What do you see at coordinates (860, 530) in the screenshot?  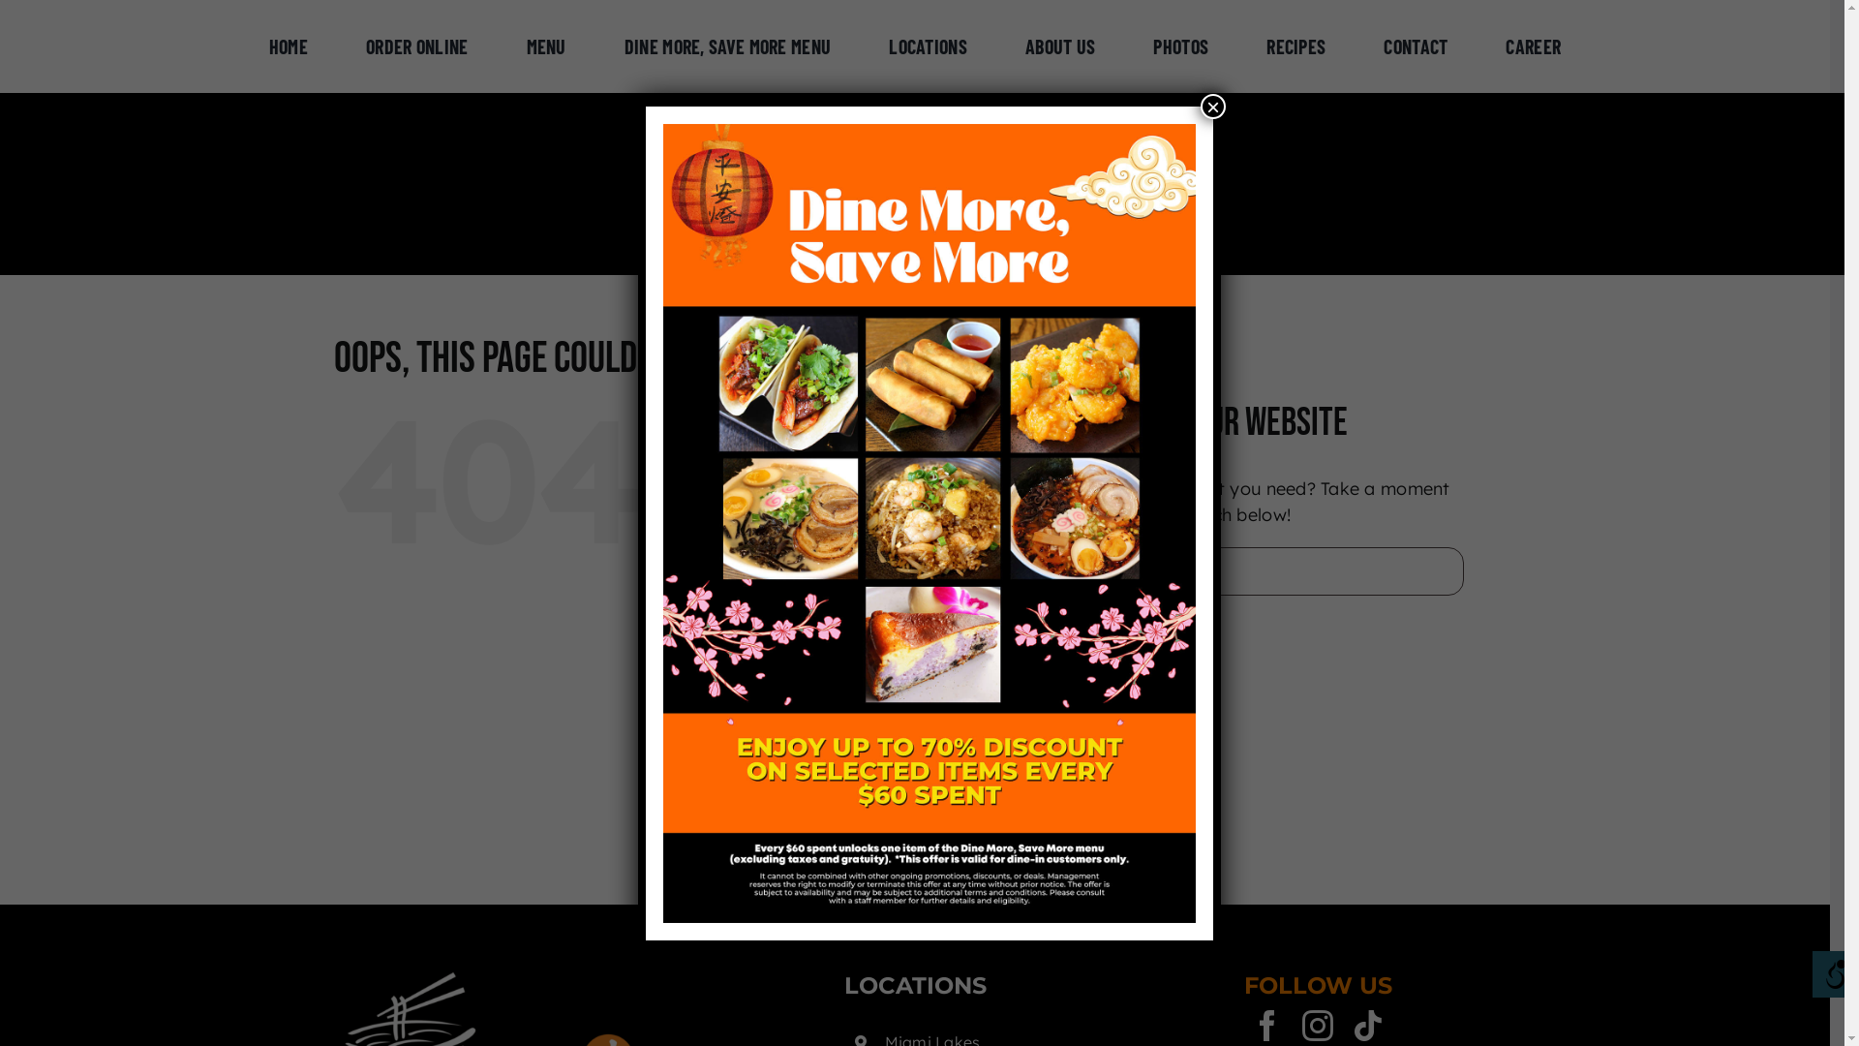 I see `'Order Online'` at bounding box center [860, 530].